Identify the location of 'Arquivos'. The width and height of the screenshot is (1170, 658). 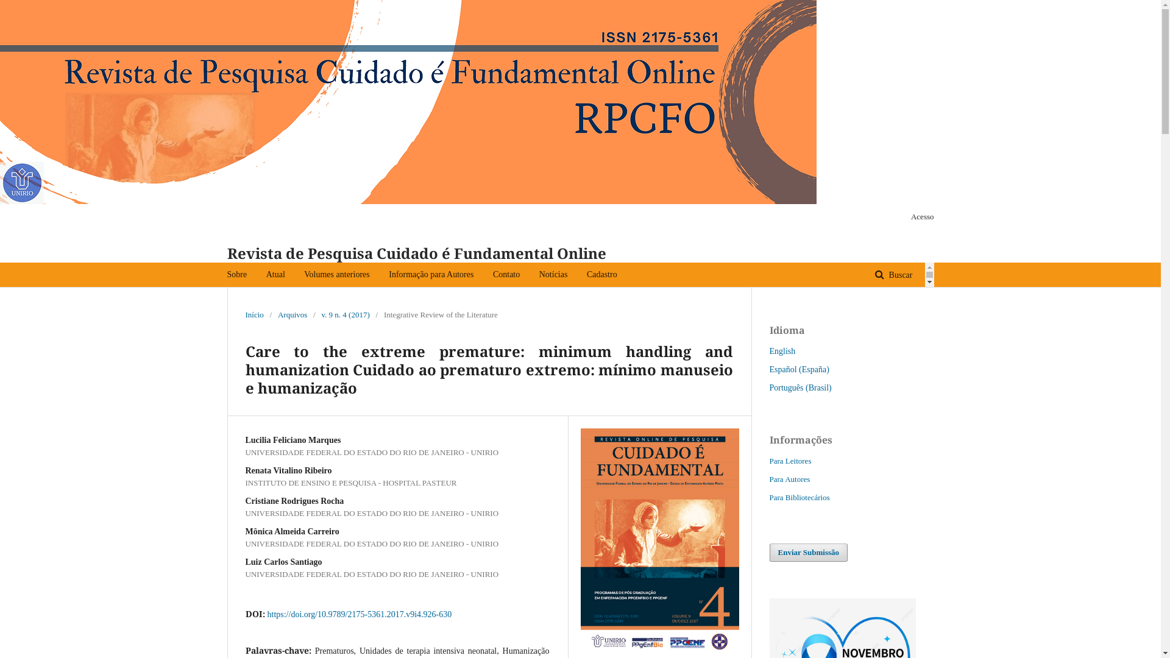
(292, 314).